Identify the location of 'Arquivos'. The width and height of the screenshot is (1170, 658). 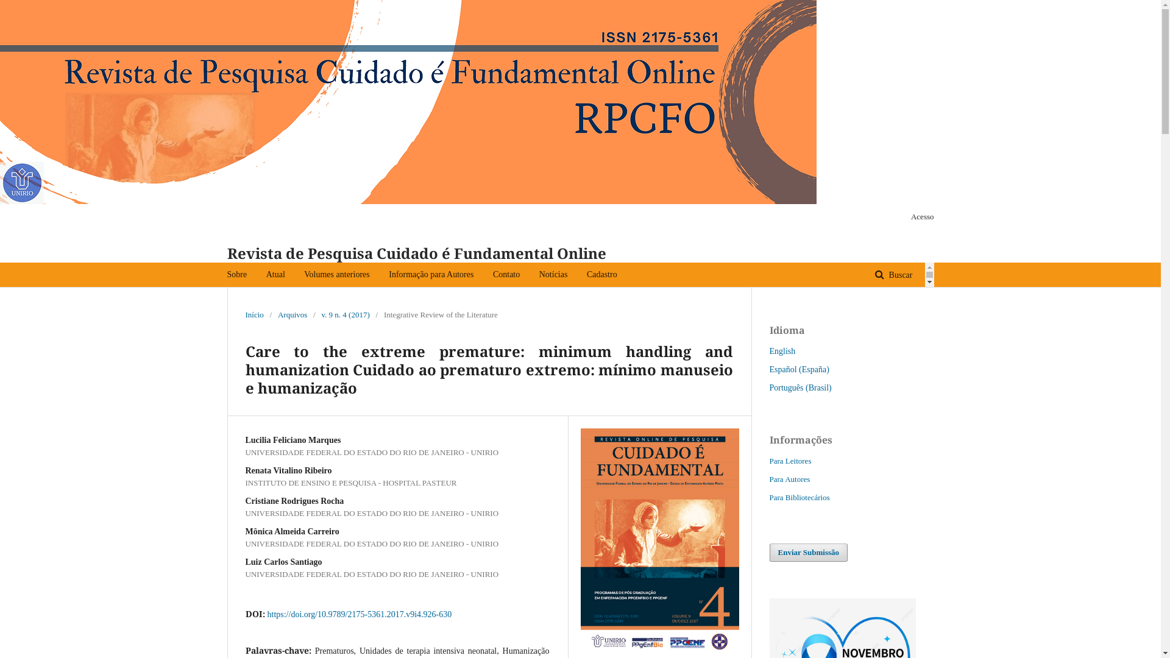
(292, 314).